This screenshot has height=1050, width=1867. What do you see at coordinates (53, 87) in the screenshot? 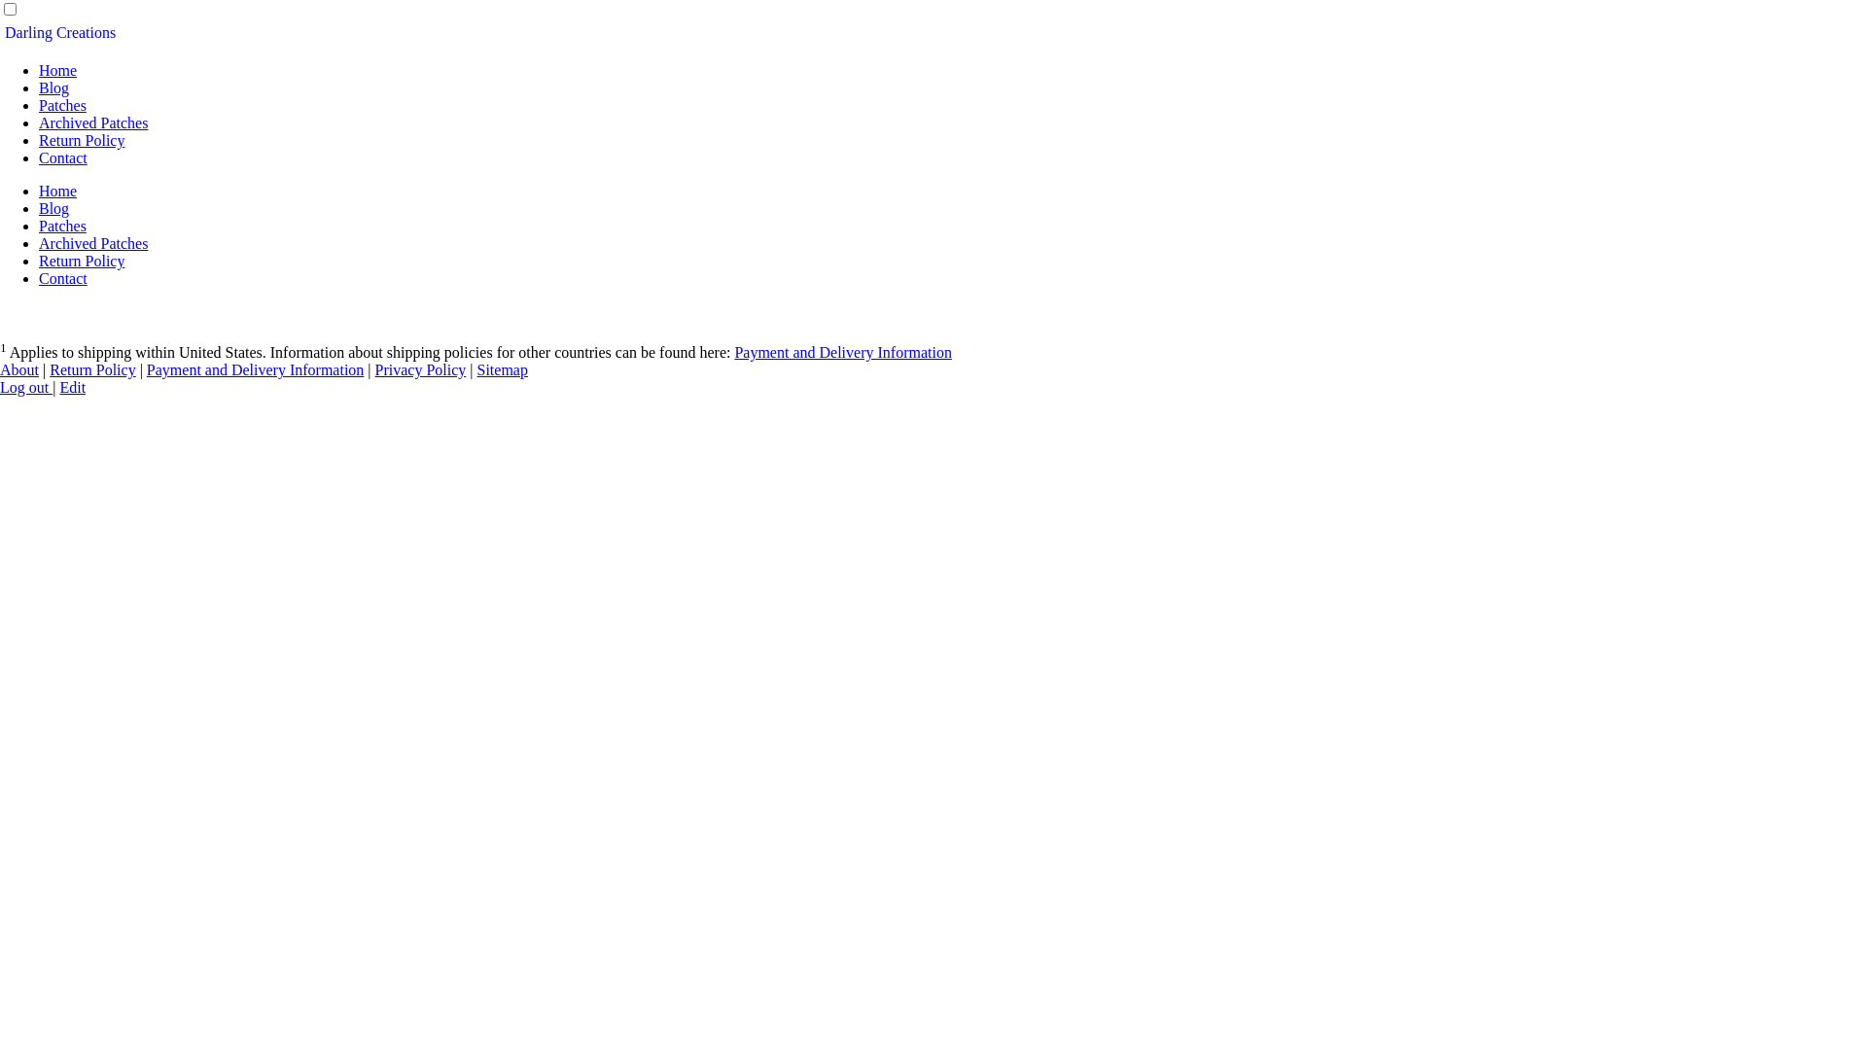
I see `'Blog'` at bounding box center [53, 87].